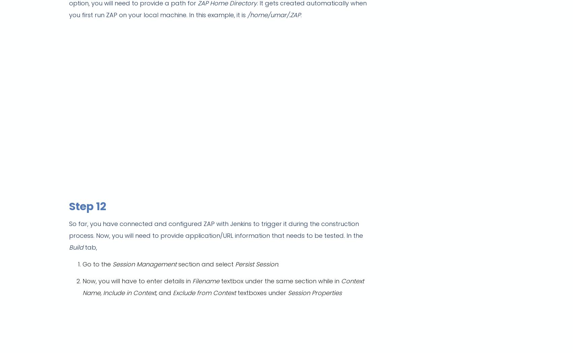 Image resolution: width=573 pixels, height=353 pixels. Describe the element at coordinates (173, 293) in the screenshot. I see `'Exclude from Context'` at that location.